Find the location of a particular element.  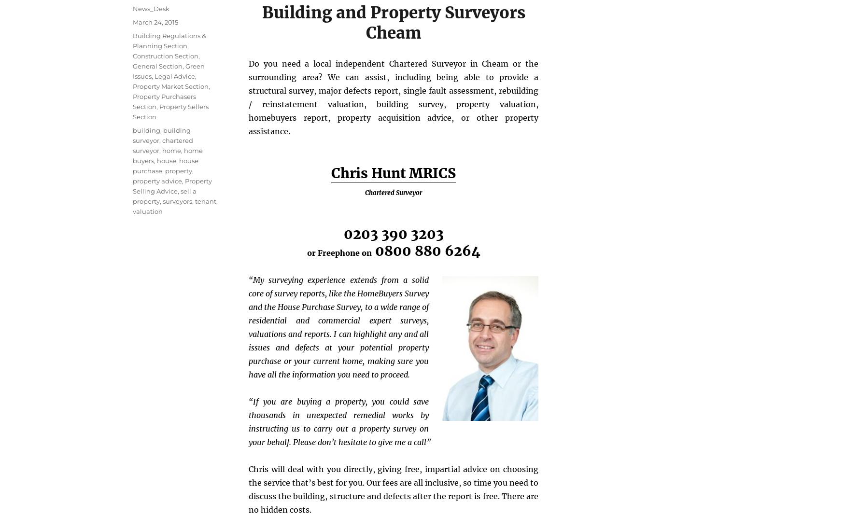

'valuation' is located at coordinates (147, 210).